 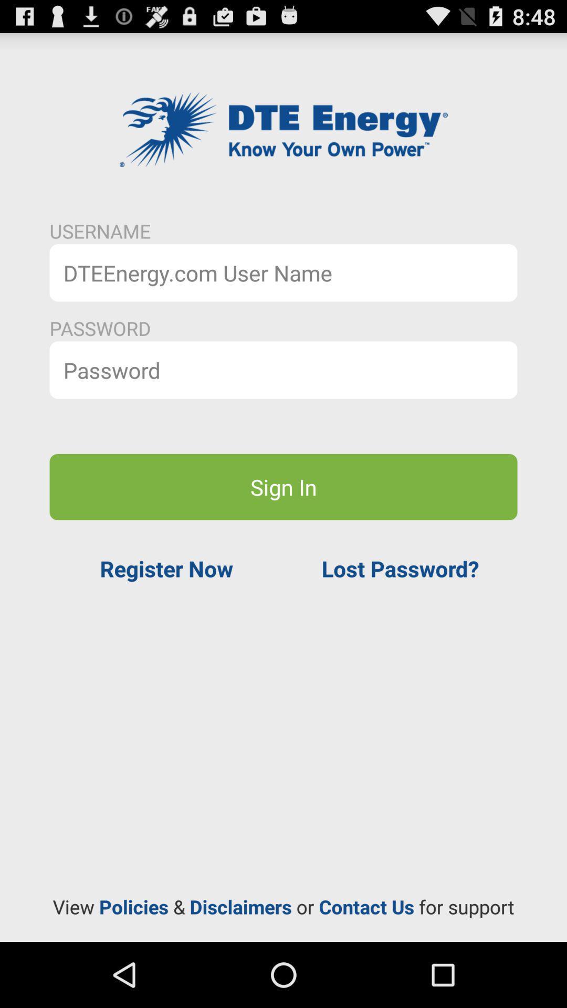 I want to click on item below the sign in button, so click(x=400, y=568).